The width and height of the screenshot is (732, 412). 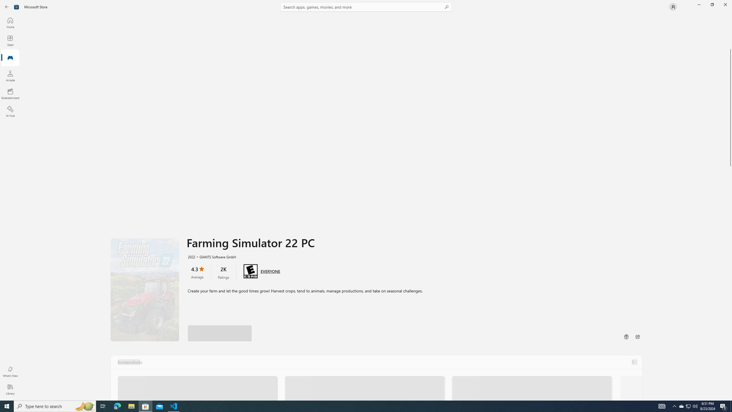 I want to click on 'Search', so click(x=366, y=7).